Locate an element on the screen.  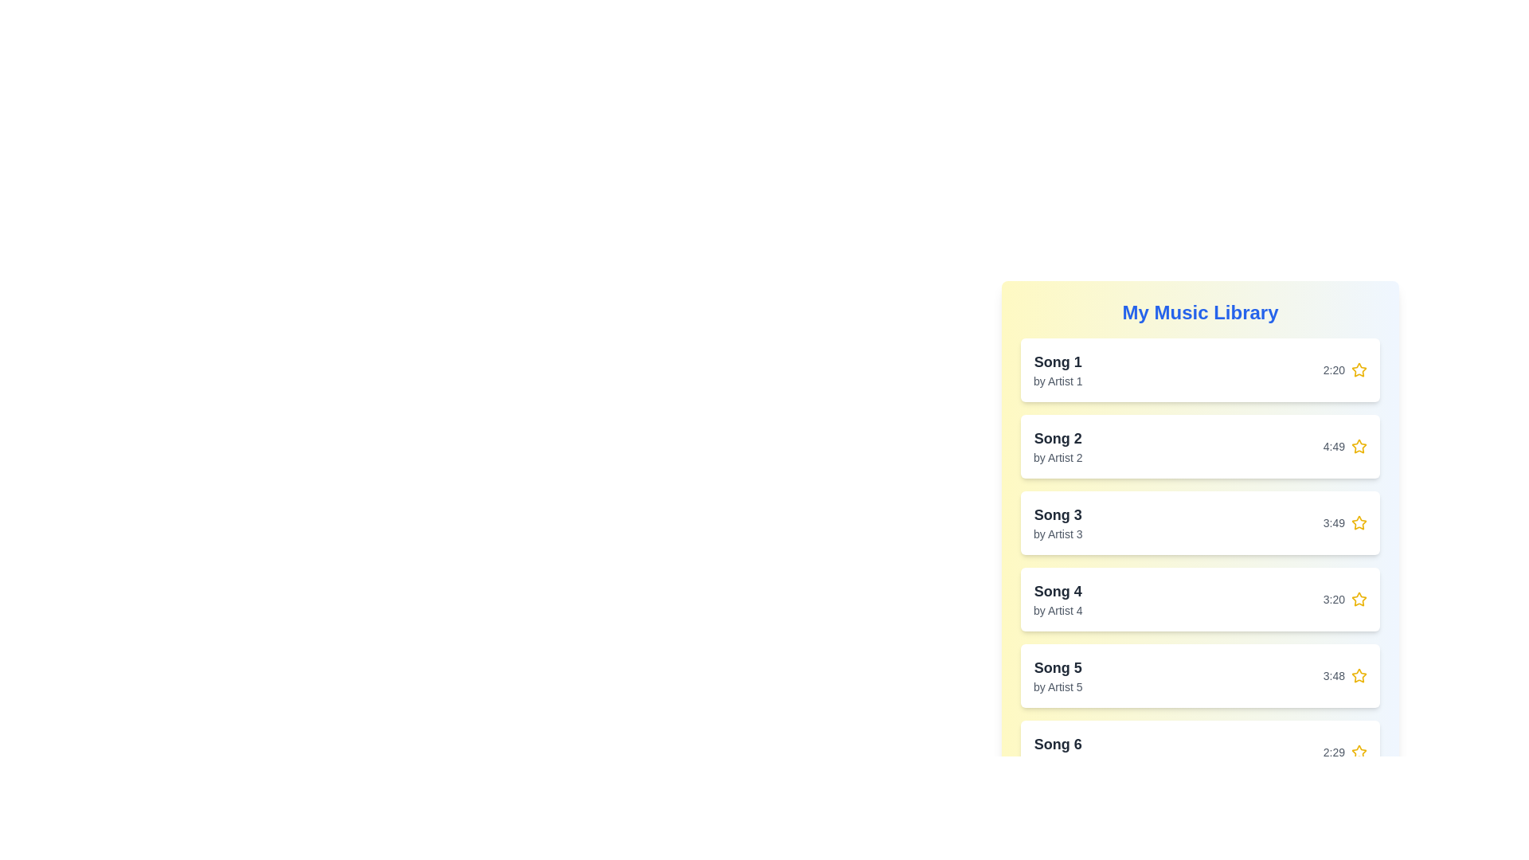
the text label displaying 'Song 4' by 'Artist 4' is located at coordinates (1058, 599).